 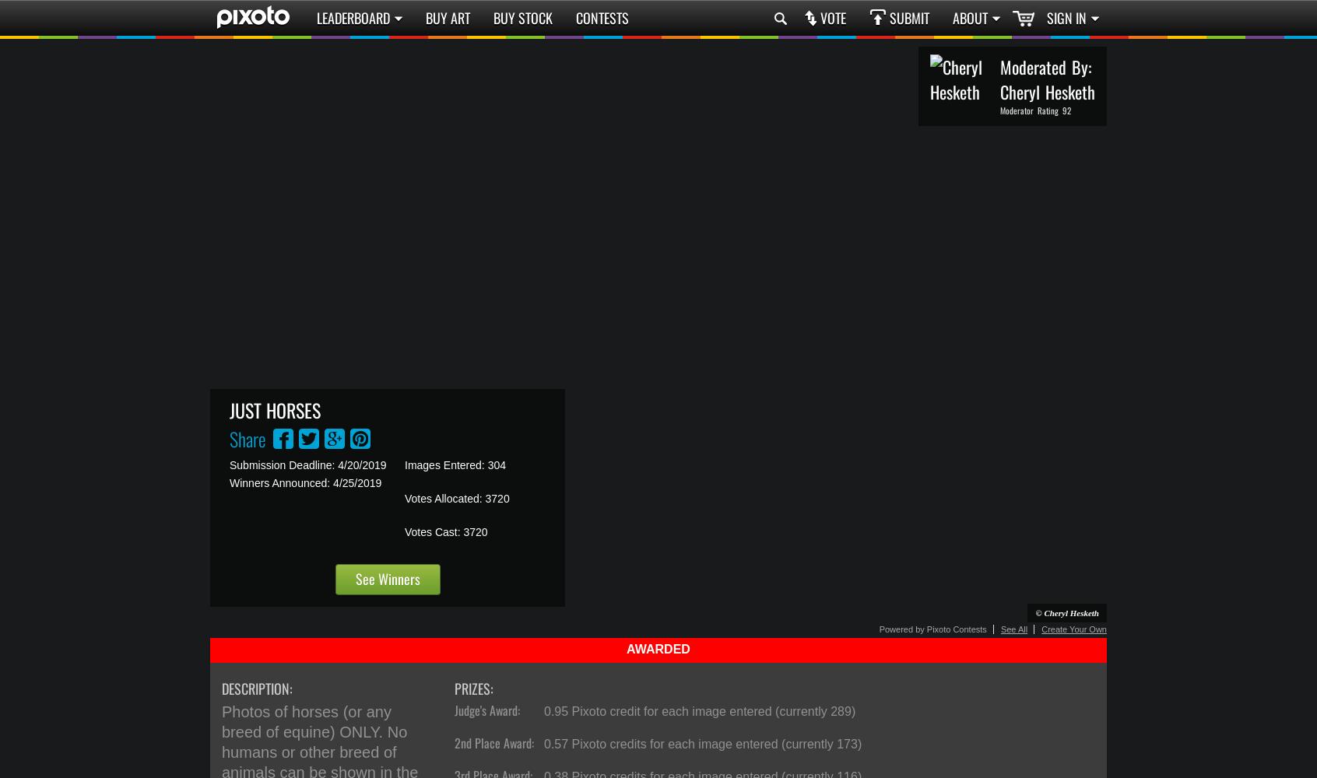 What do you see at coordinates (601, 18) in the screenshot?
I see `'Contests'` at bounding box center [601, 18].